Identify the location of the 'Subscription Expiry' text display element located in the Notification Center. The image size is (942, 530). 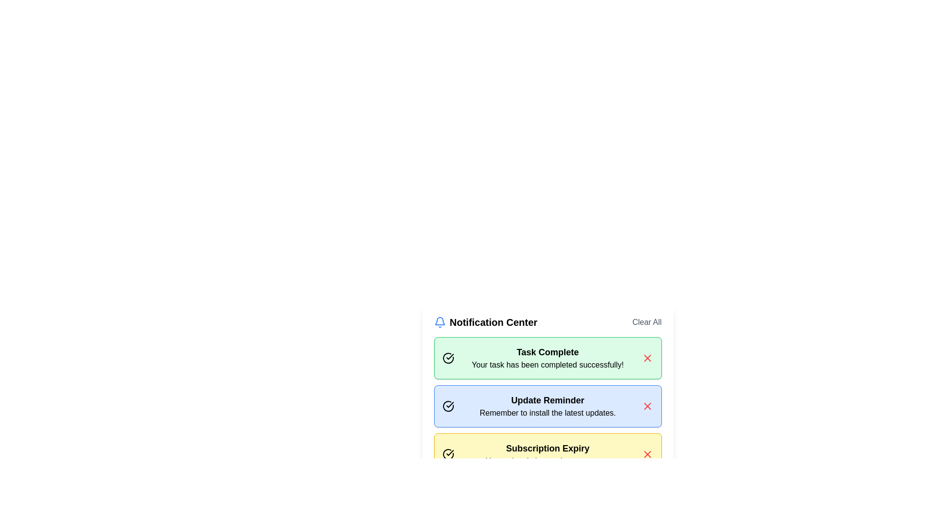
(547, 449).